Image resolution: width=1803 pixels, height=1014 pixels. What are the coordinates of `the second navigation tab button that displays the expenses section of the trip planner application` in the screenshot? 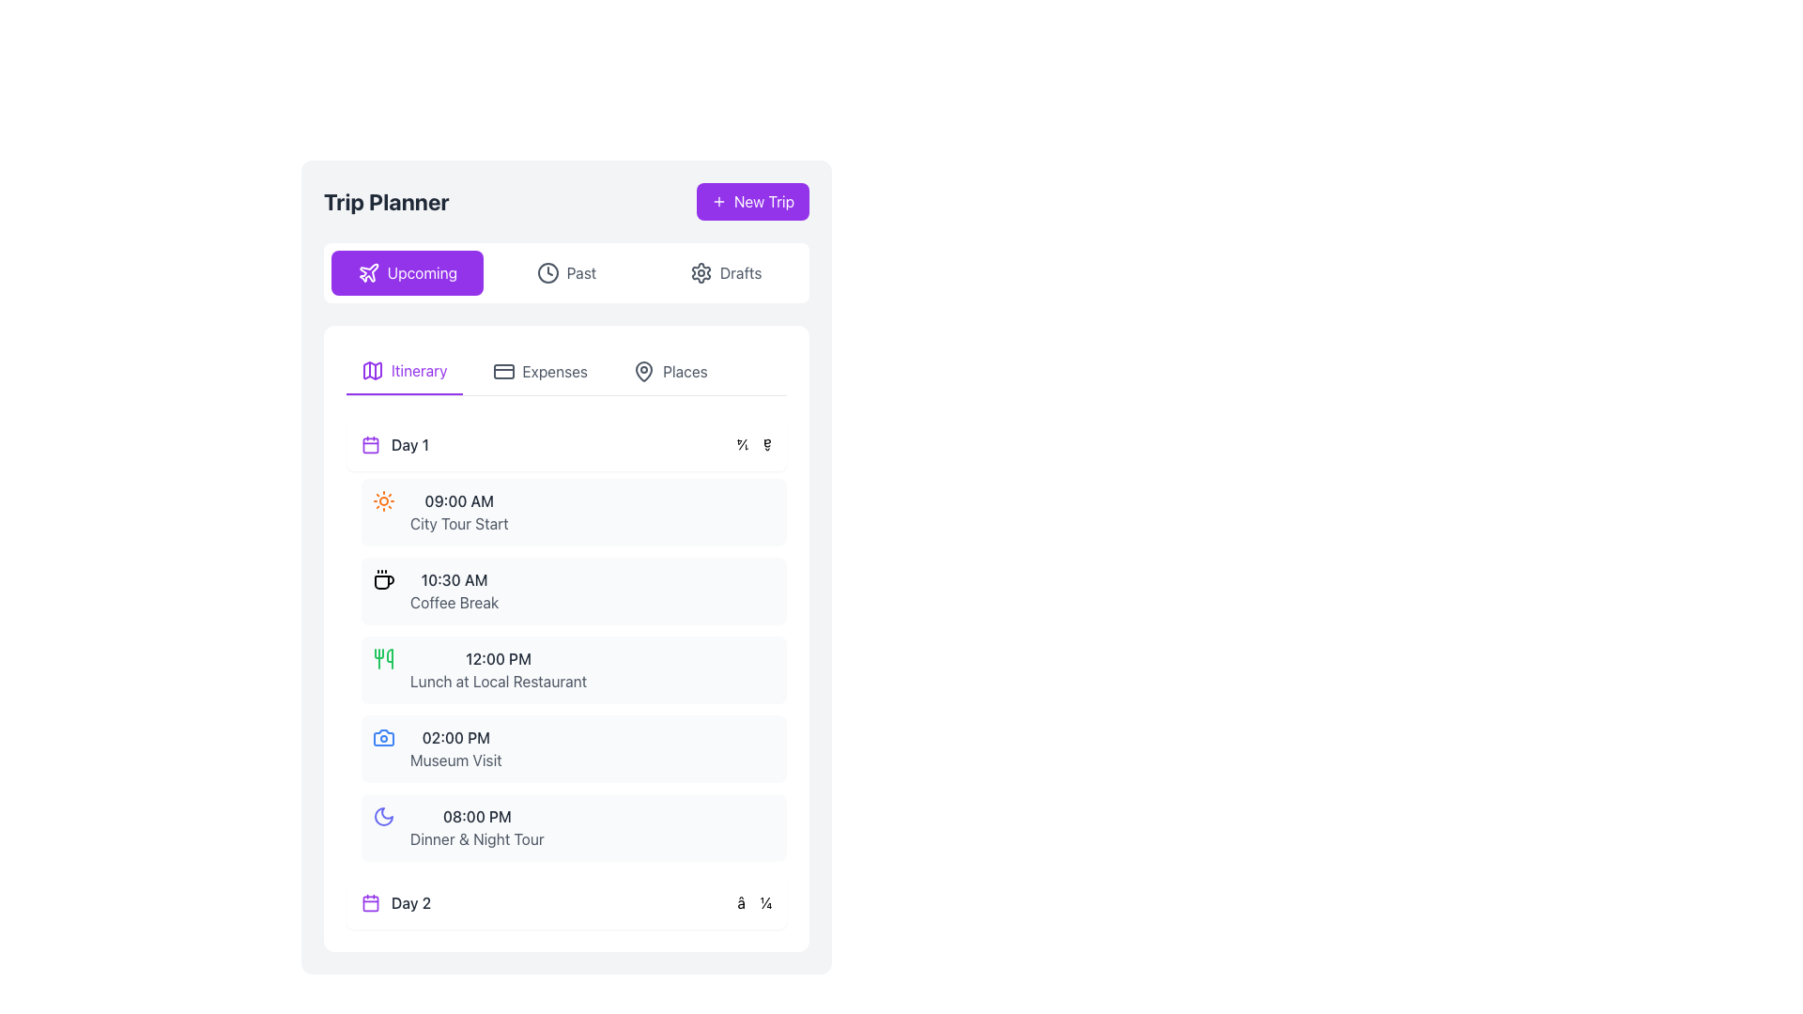 It's located at (539, 372).